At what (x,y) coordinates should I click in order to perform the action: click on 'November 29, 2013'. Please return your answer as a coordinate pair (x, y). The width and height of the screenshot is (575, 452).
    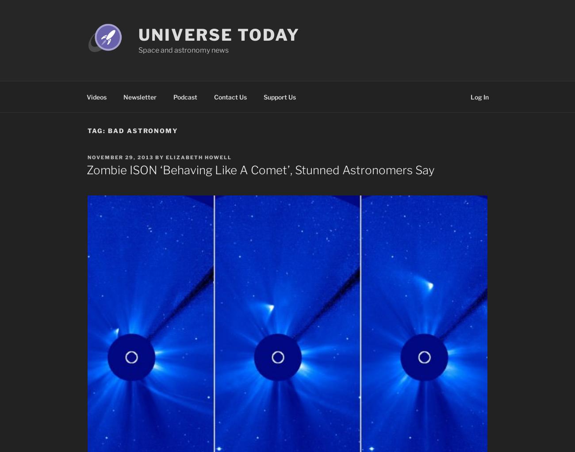
    Looking at the image, I should click on (120, 157).